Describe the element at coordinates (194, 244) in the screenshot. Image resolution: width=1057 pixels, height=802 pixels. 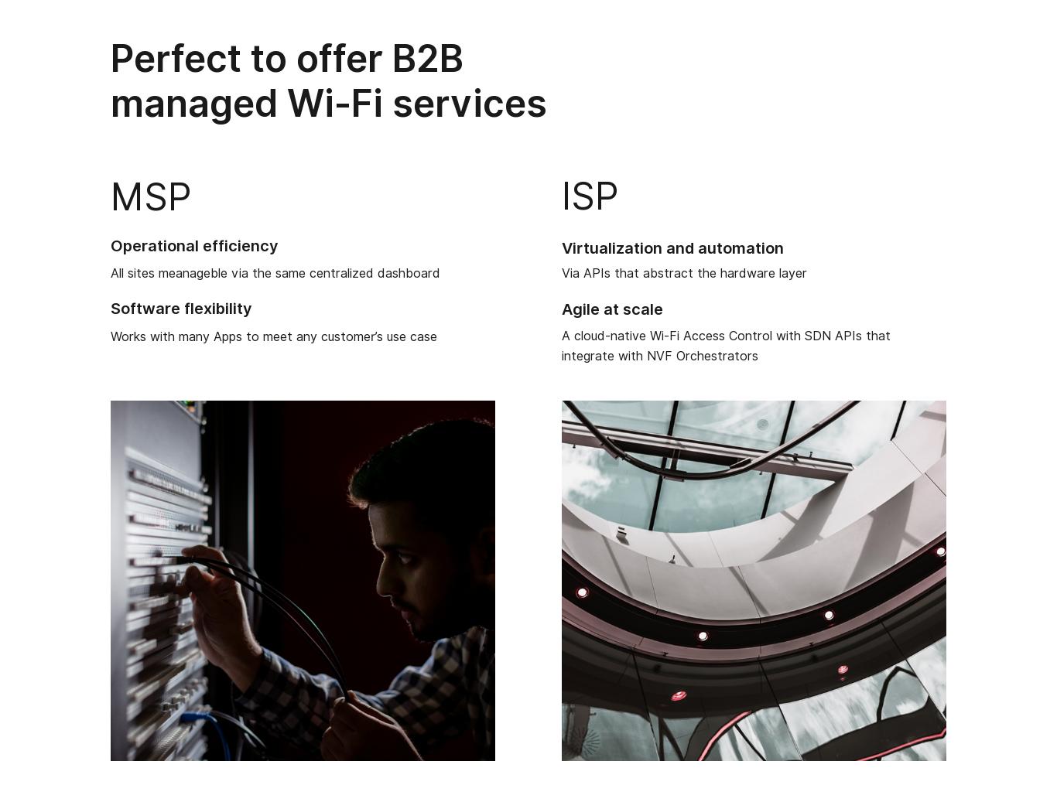
I see `'Operational efficiency'` at that location.